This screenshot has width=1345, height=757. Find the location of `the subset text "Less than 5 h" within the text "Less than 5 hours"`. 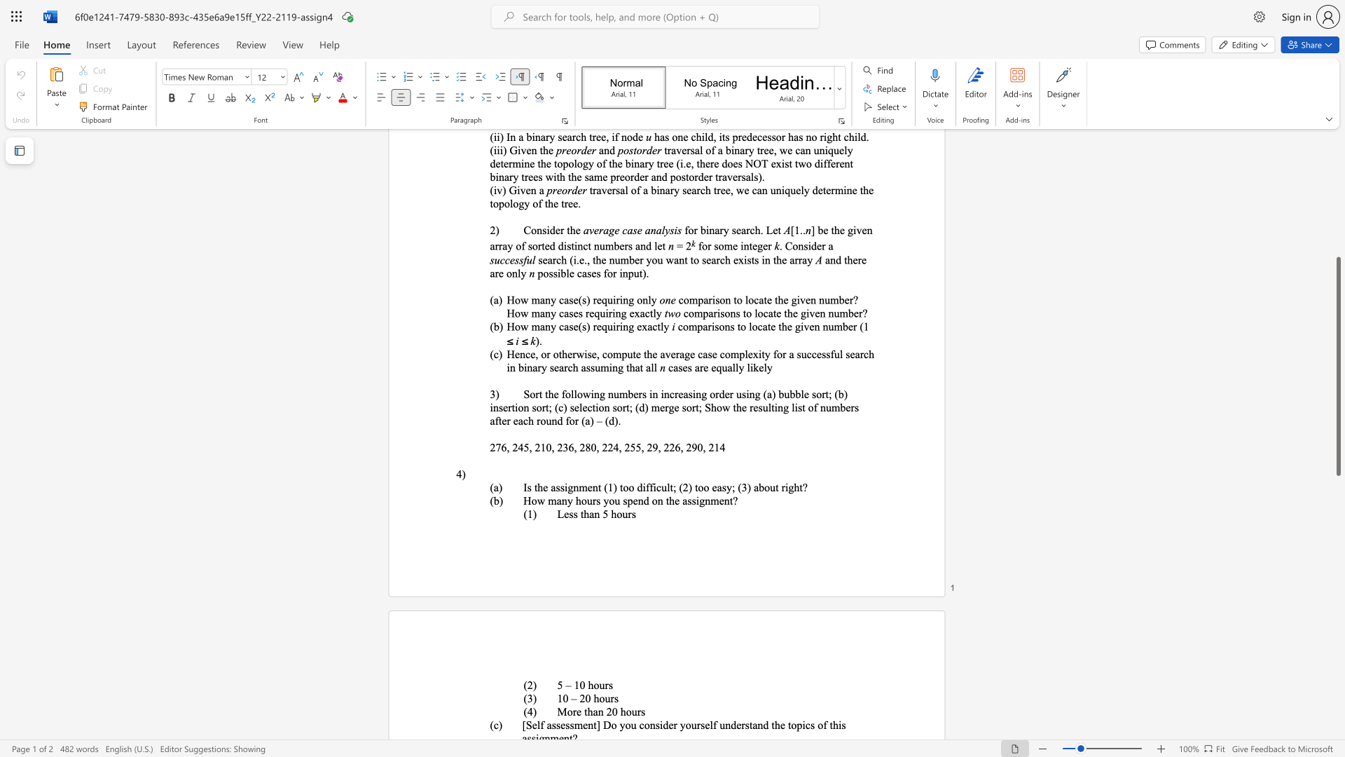

the subset text "Less than 5 h" within the text "Less than 5 hours" is located at coordinates (556, 514).